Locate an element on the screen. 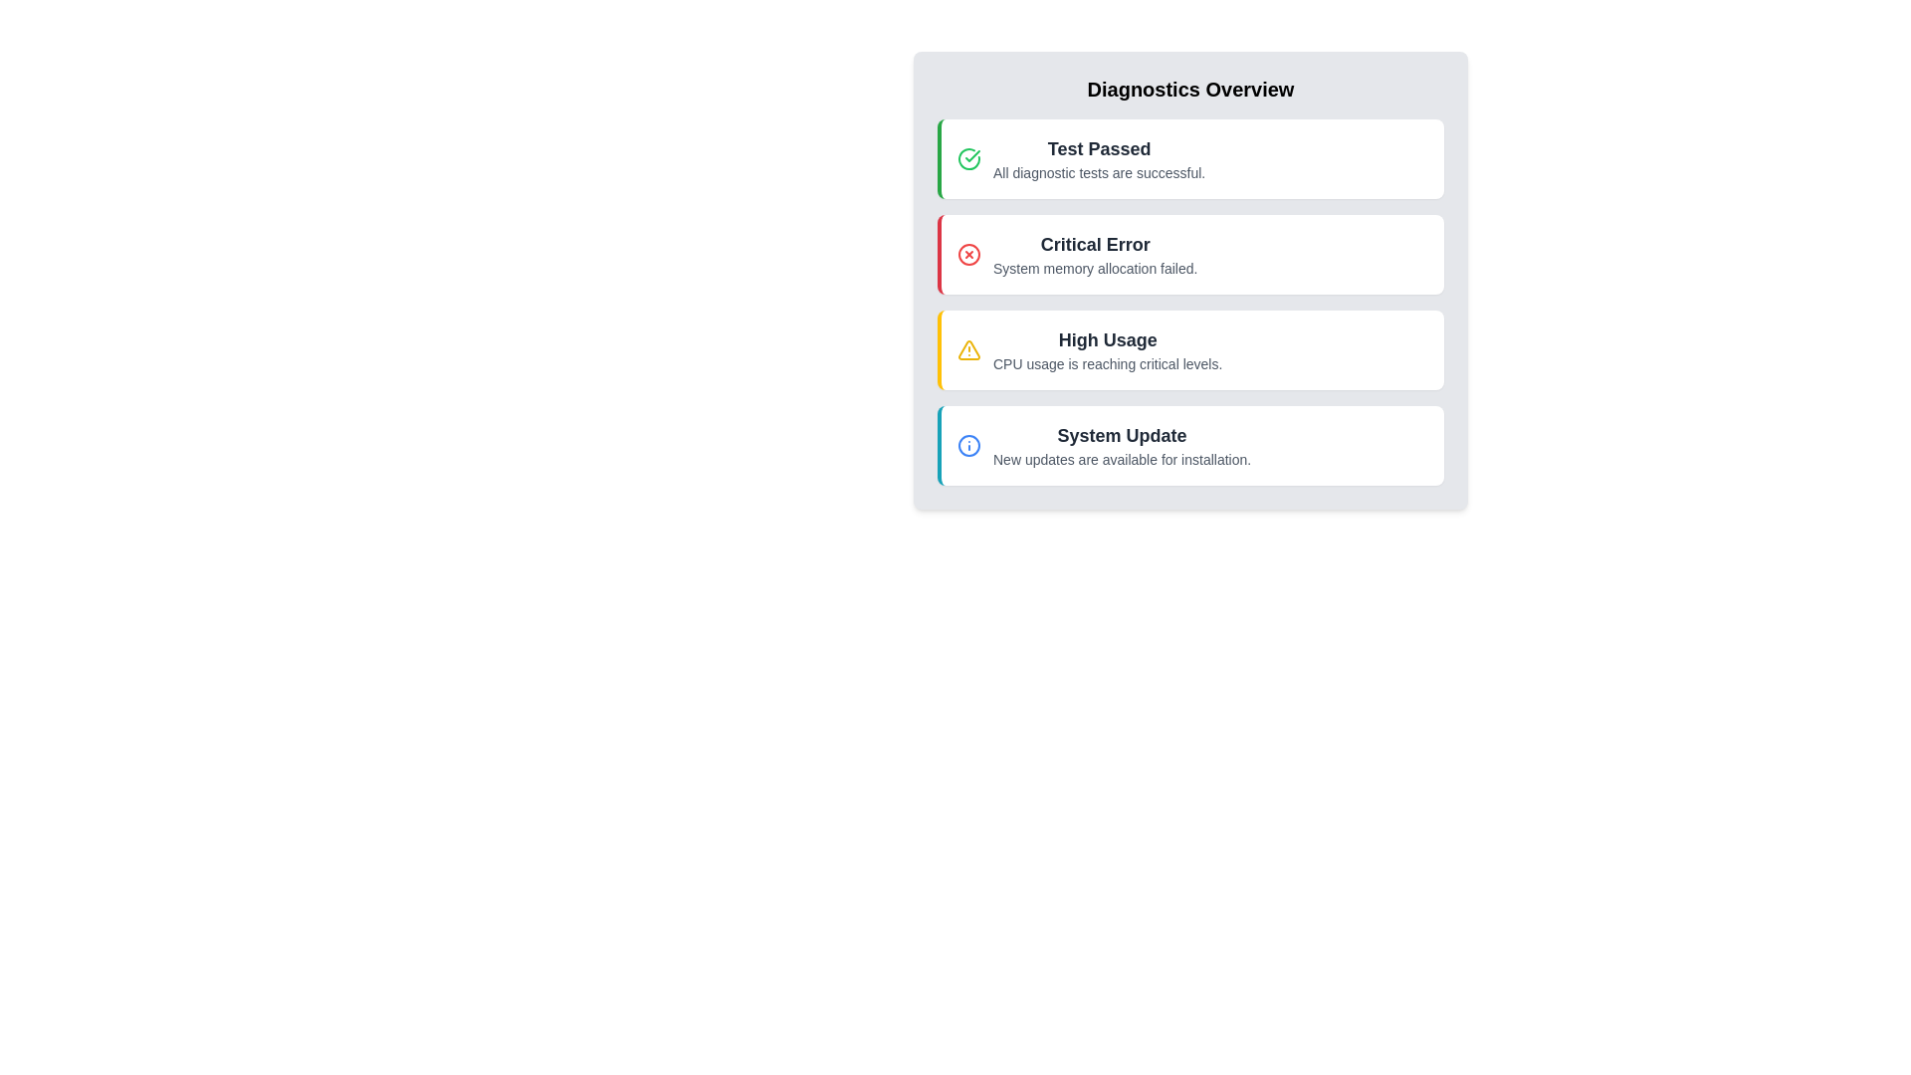 The image size is (1911, 1075). the information indicator icon located on the leftmost side next to the 'System Update' heading is located at coordinates (969, 444).